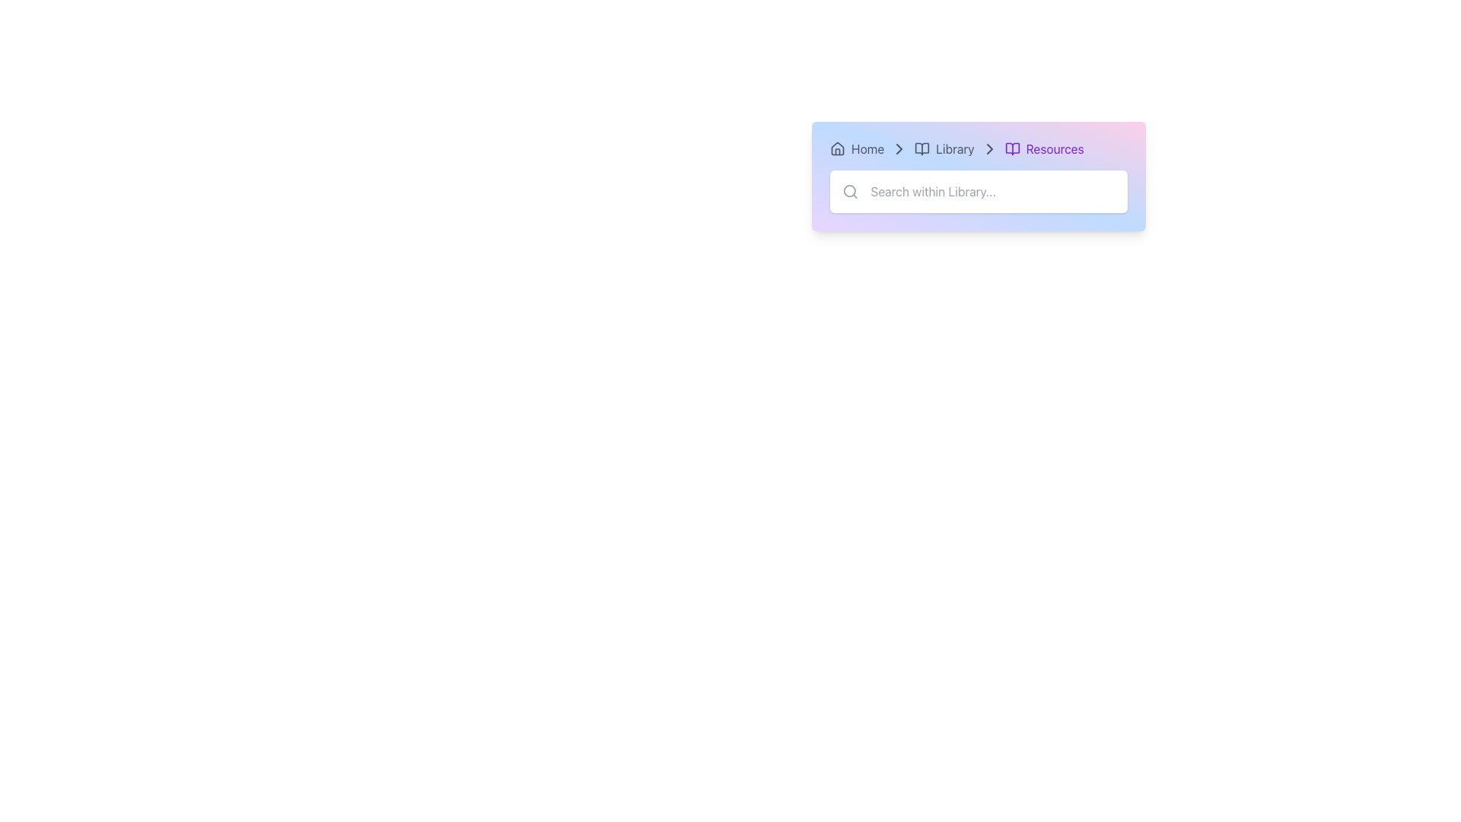 The width and height of the screenshot is (1461, 822). What do you see at coordinates (921, 149) in the screenshot?
I see `the open book icon in the navigation trail` at bounding box center [921, 149].